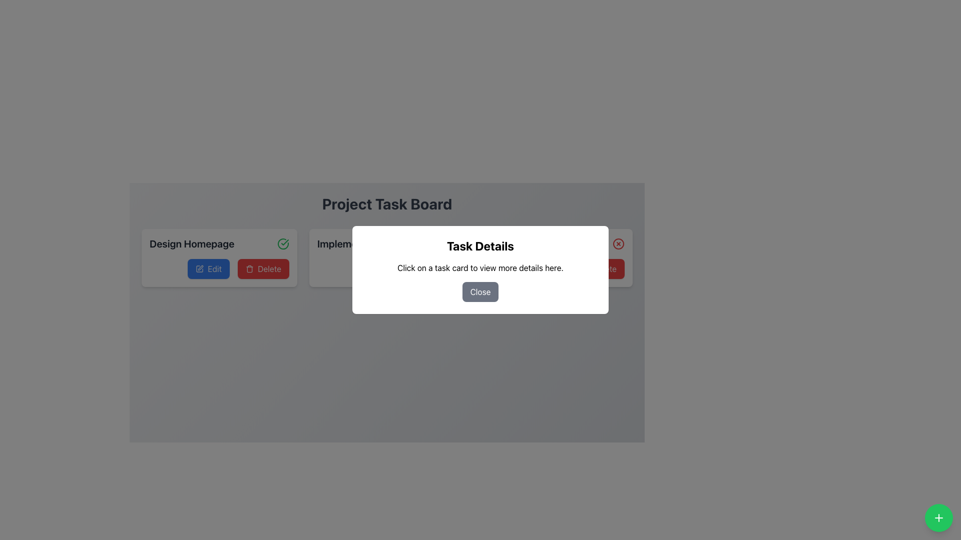 This screenshot has height=540, width=961. Describe the element at coordinates (219, 244) in the screenshot. I see `the task title element marked as completed, which is the first item in a white card with rounded corners, featuring a green checkmark icon adjacent to it` at that location.